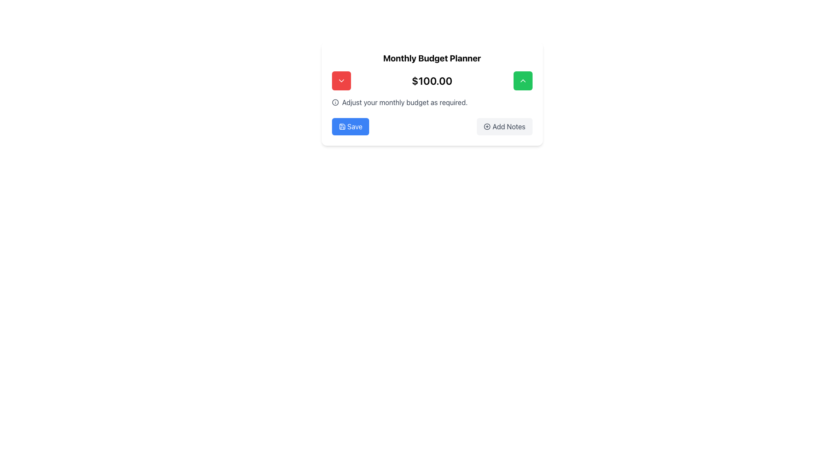 The image size is (830, 467). What do you see at coordinates (432, 127) in the screenshot?
I see `the 'Add Notes' button on the Button Group located at the bottom center of the 'Monthly Budget Planner' card` at bounding box center [432, 127].